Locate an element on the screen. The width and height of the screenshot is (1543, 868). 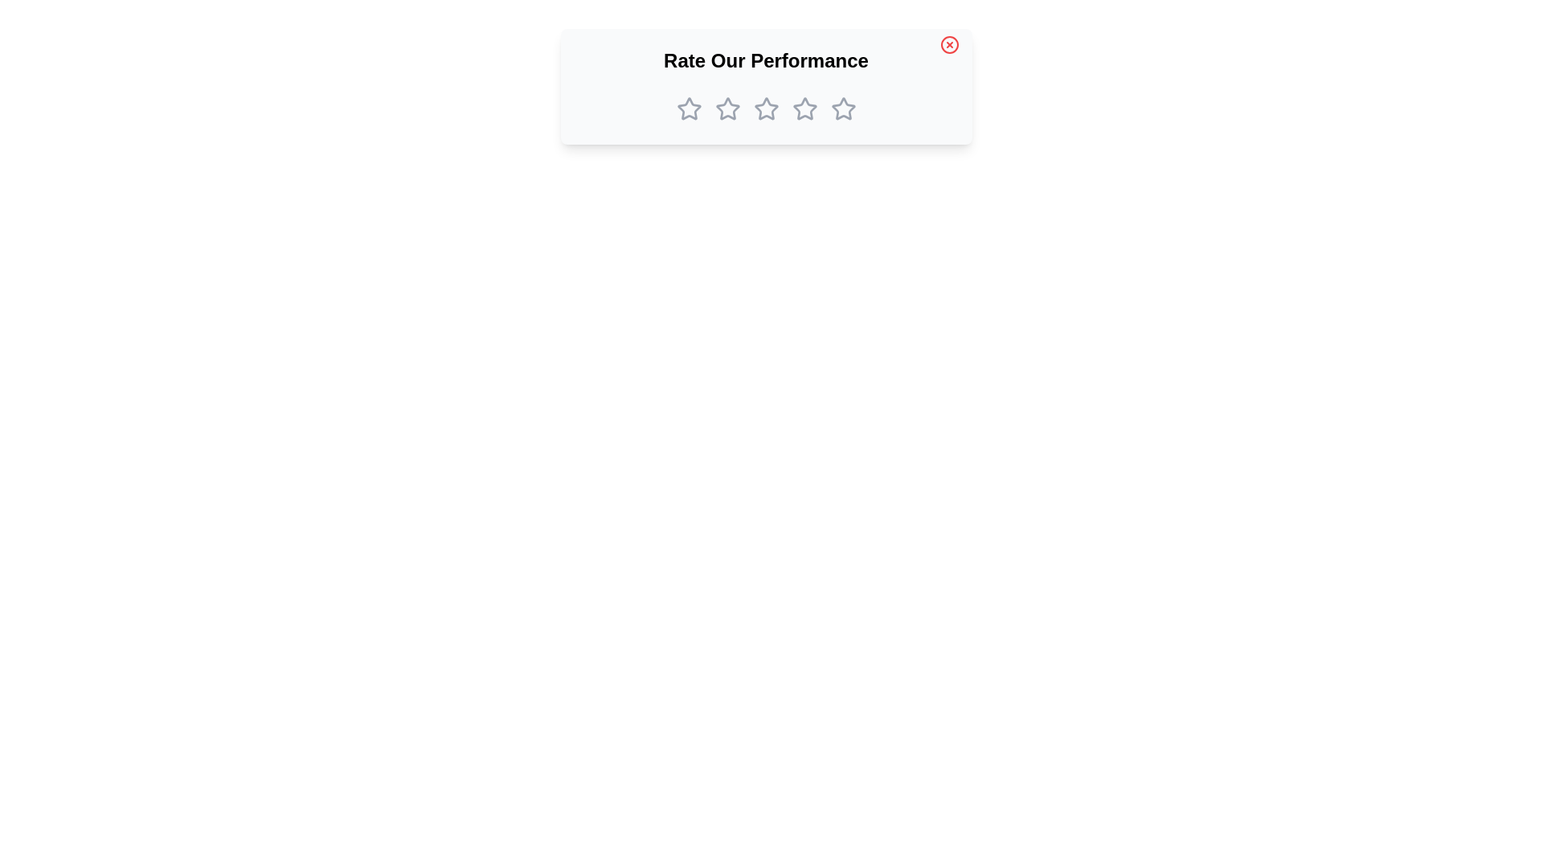
the star corresponding to the desired rating 2 is located at coordinates (726, 108).